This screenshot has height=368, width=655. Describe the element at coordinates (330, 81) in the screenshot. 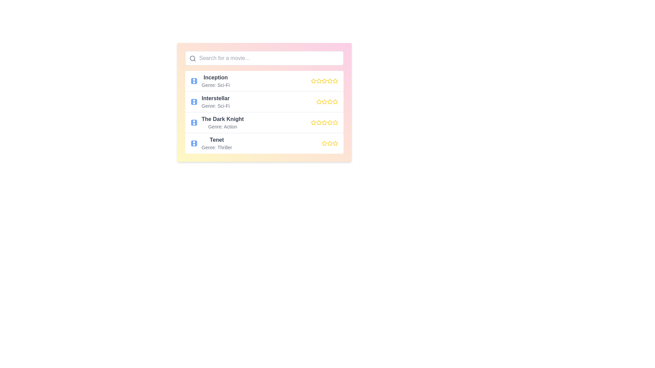

I see `the sixth yellow star icon used for rating next to the text 'Inception' under the 'Genre: Sci-Fi' entry` at that location.